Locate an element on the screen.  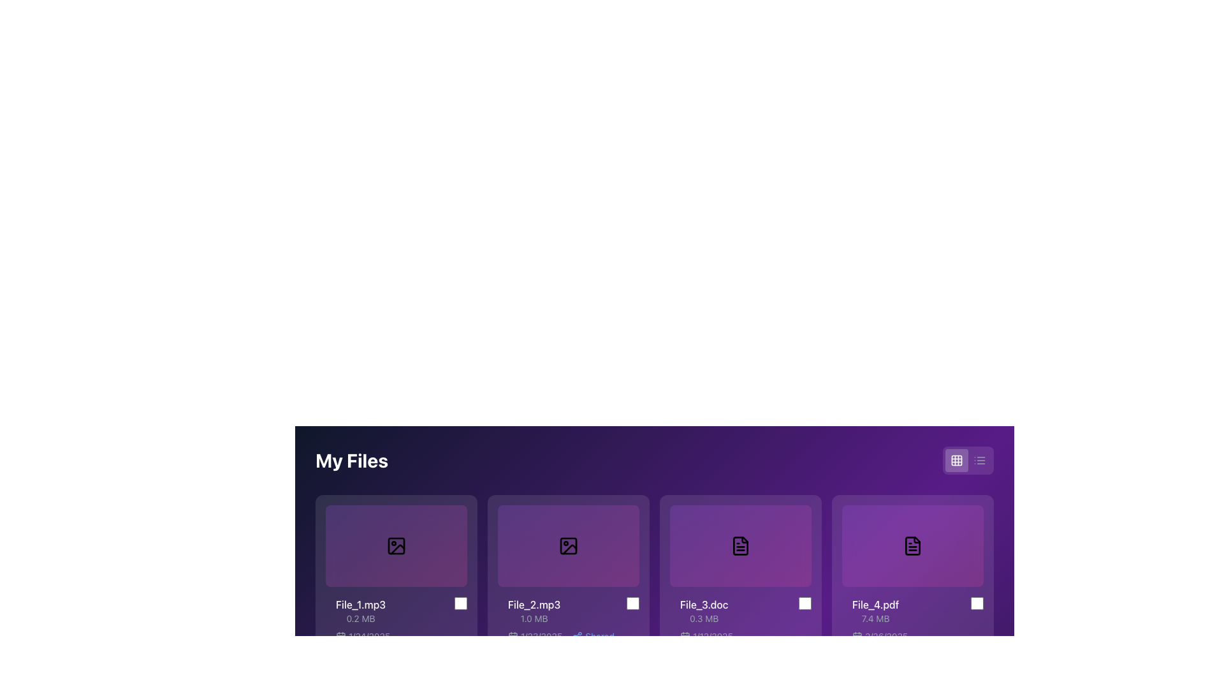
the Text label displaying the file name located in the second file card from the left in the horizontally-scrolling file list is located at coordinates (534, 604).